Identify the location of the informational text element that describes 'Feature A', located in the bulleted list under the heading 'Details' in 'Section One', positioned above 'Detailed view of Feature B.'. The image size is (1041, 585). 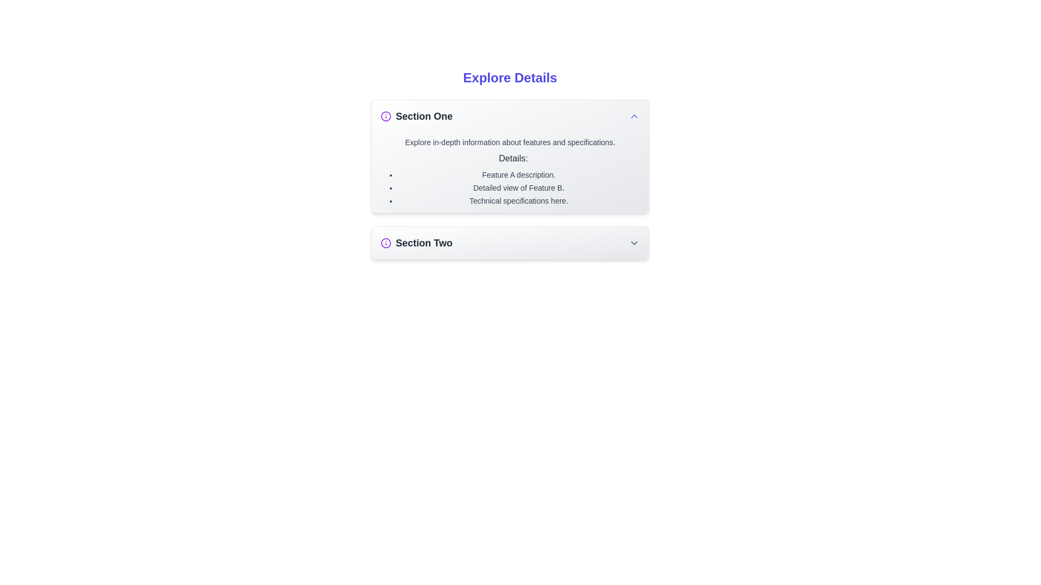
(518, 175).